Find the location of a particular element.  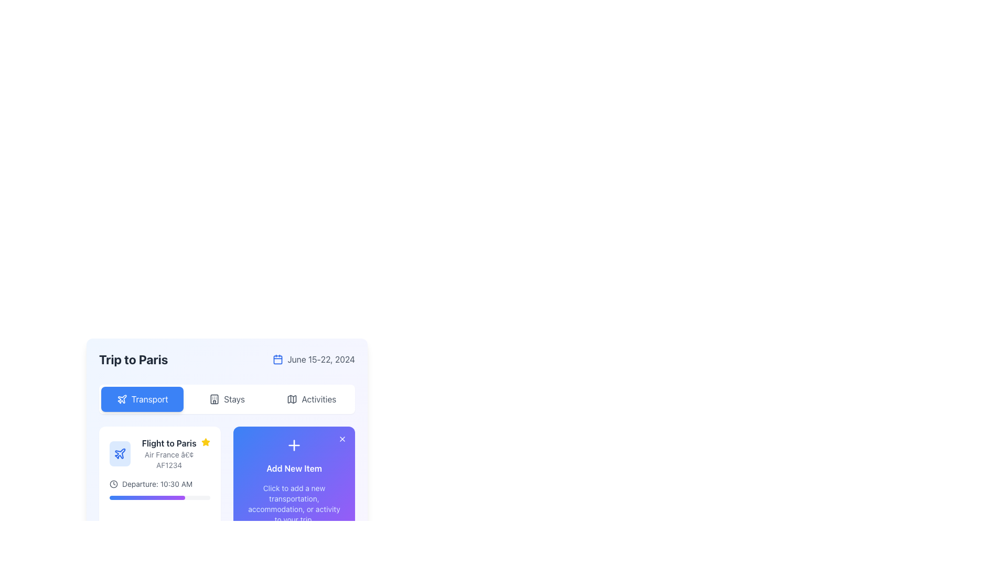

the accommodations button, which is the second button in a horizontal list of three buttons located centrally is located at coordinates (226, 399).